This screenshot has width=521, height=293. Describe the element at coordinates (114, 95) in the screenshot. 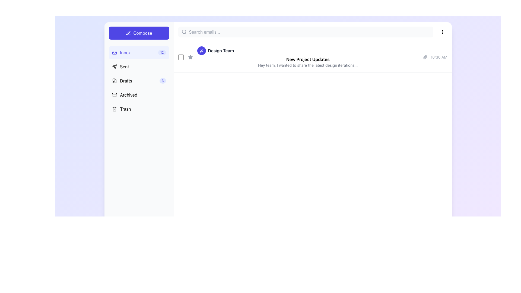

I see `the 'Archived' icon located in the left-hand navigation menu to interact or navigate to the archived items` at that location.